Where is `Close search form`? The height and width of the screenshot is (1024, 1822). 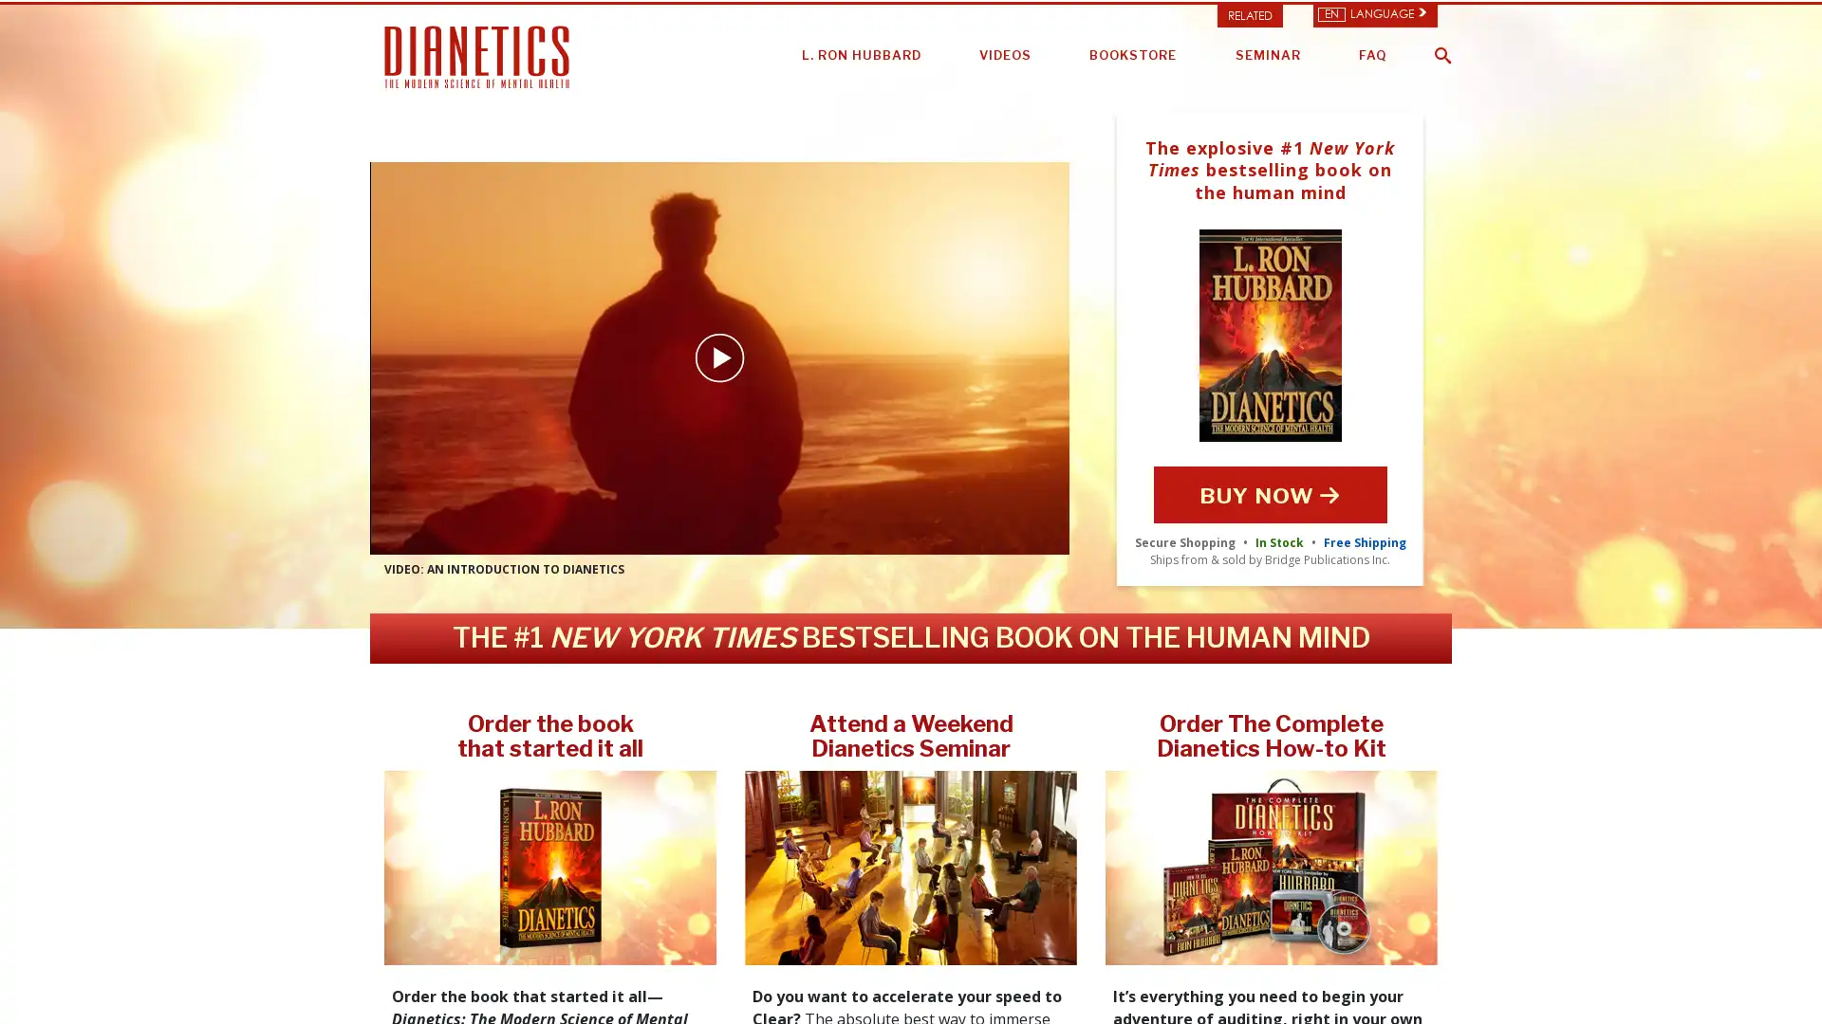 Close search form is located at coordinates (1788, 42).